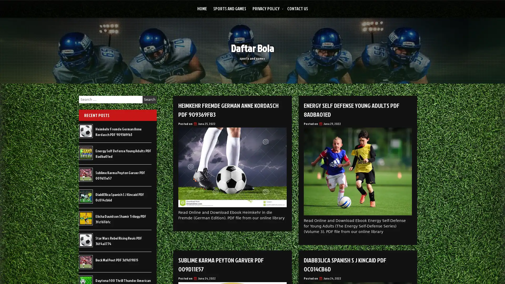  What do you see at coordinates (149, 99) in the screenshot?
I see `Search` at bounding box center [149, 99].